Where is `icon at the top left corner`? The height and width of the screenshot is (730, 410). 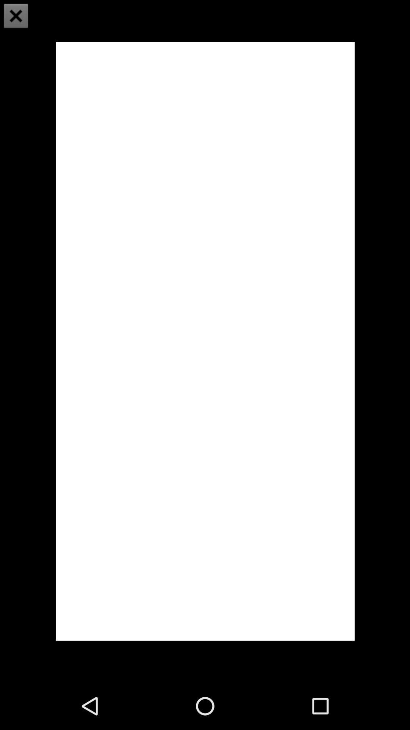
icon at the top left corner is located at coordinates (16, 16).